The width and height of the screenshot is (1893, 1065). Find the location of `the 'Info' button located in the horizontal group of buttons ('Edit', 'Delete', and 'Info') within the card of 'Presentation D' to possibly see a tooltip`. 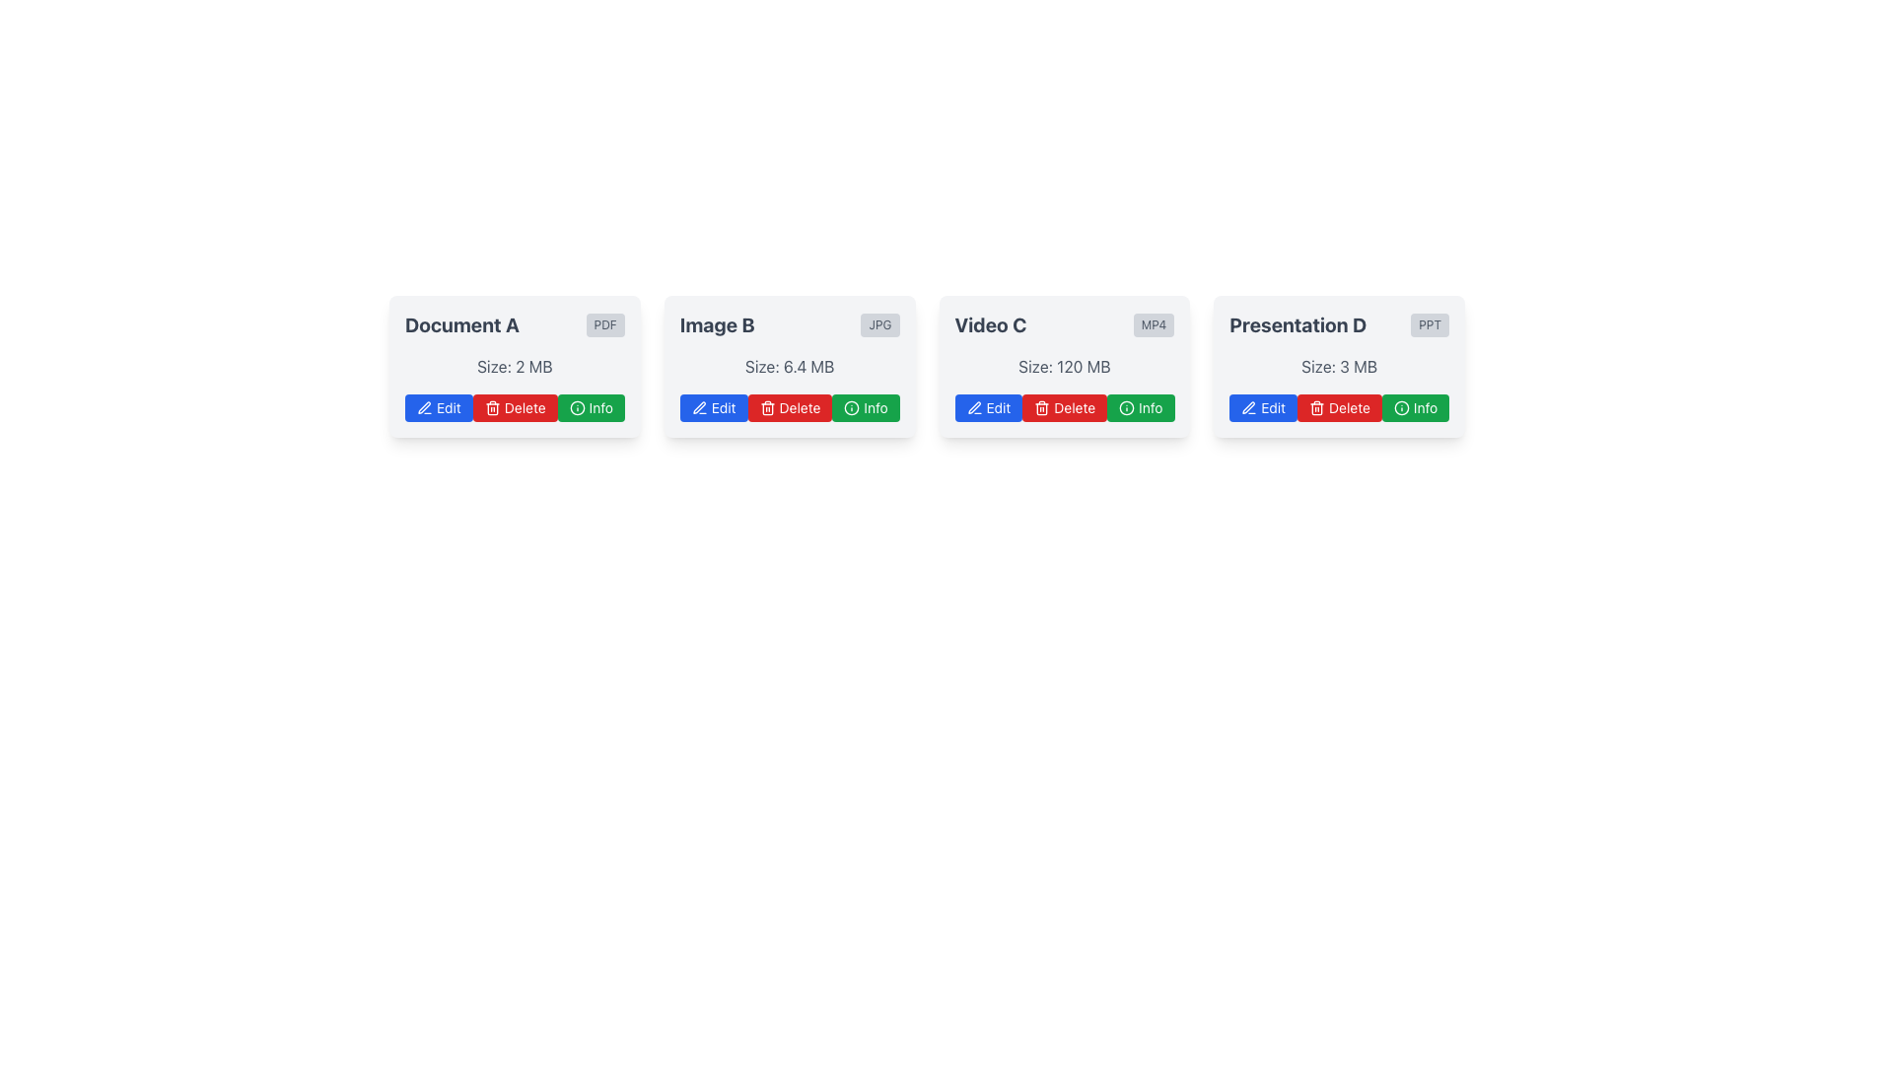

the 'Info' button located in the horizontal group of buttons ('Edit', 'Delete', and 'Info') within the card of 'Presentation D' to possibly see a tooltip is located at coordinates (1415, 406).